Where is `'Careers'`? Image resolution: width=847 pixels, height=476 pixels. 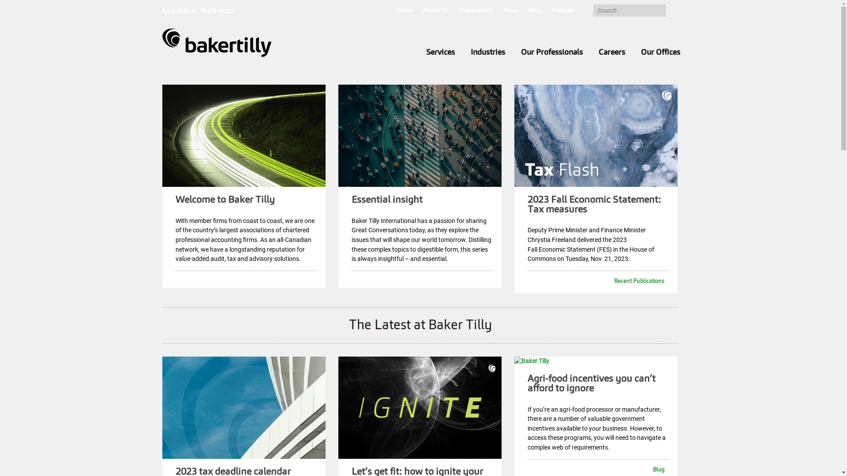 'Careers' is located at coordinates (611, 52).